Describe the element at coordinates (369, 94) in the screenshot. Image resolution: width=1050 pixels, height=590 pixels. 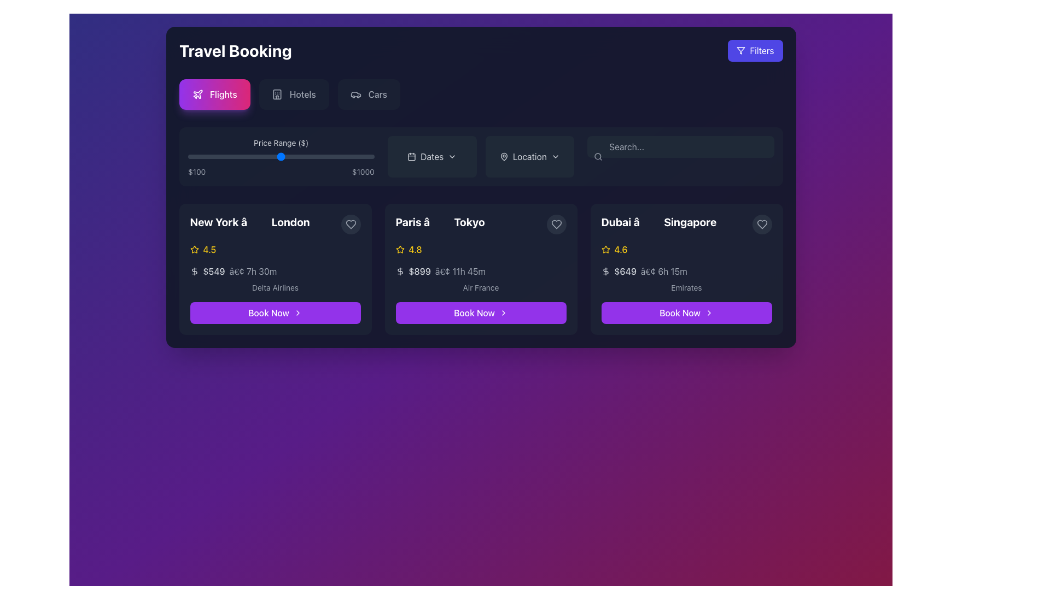
I see `the 'Cars' button in the top navigation bar` at that location.